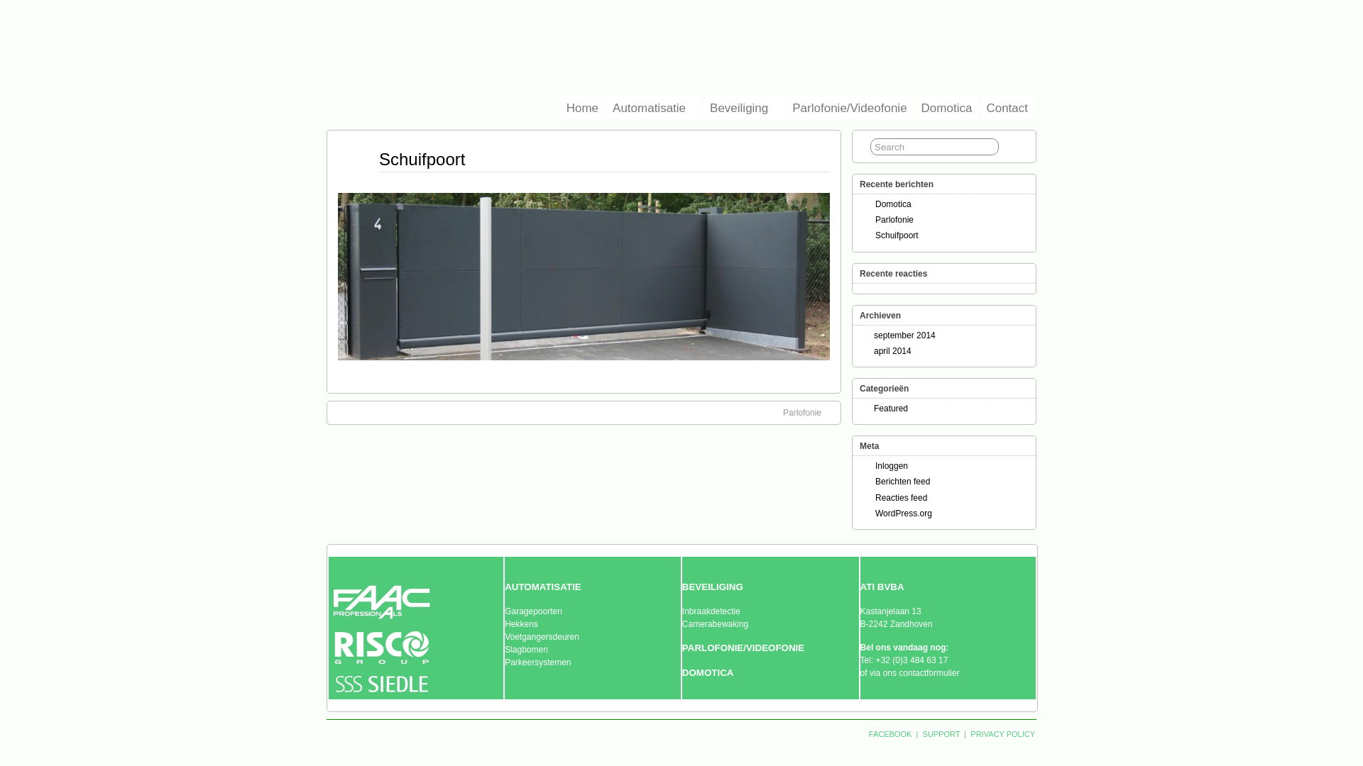 The image size is (1363, 766). I want to click on ' FACEBOOK', so click(889, 733).